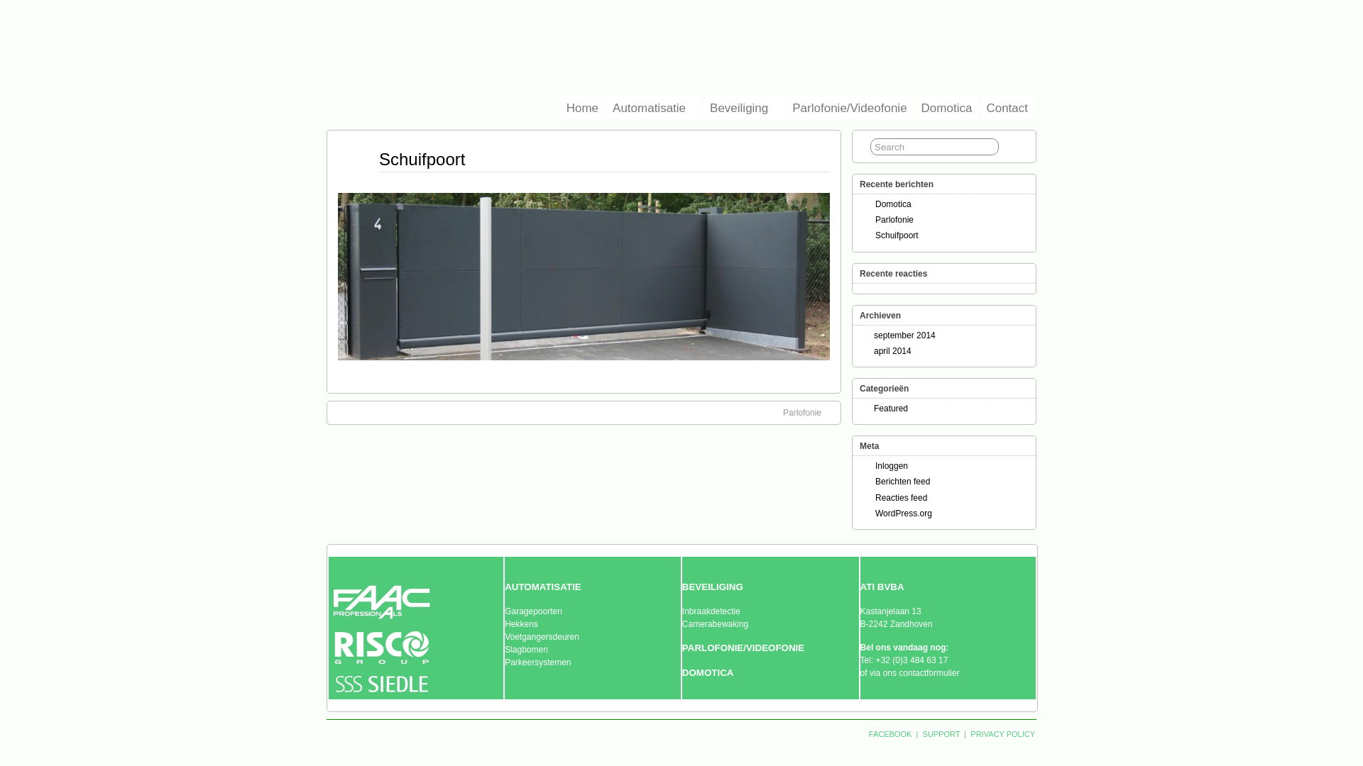 The image size is (1363, 766). I want to click on ' FACEBOOK', so click(889, 733).